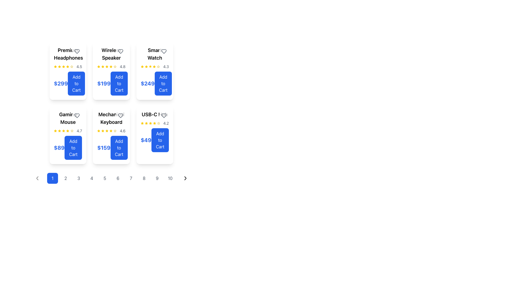 The width and height of the screenshot is (523, 294). I want to click on the text label displaying 'USB-C Hub', which identifies the product title and is located above the ratings and price sections in the product card, so click(154, 114).